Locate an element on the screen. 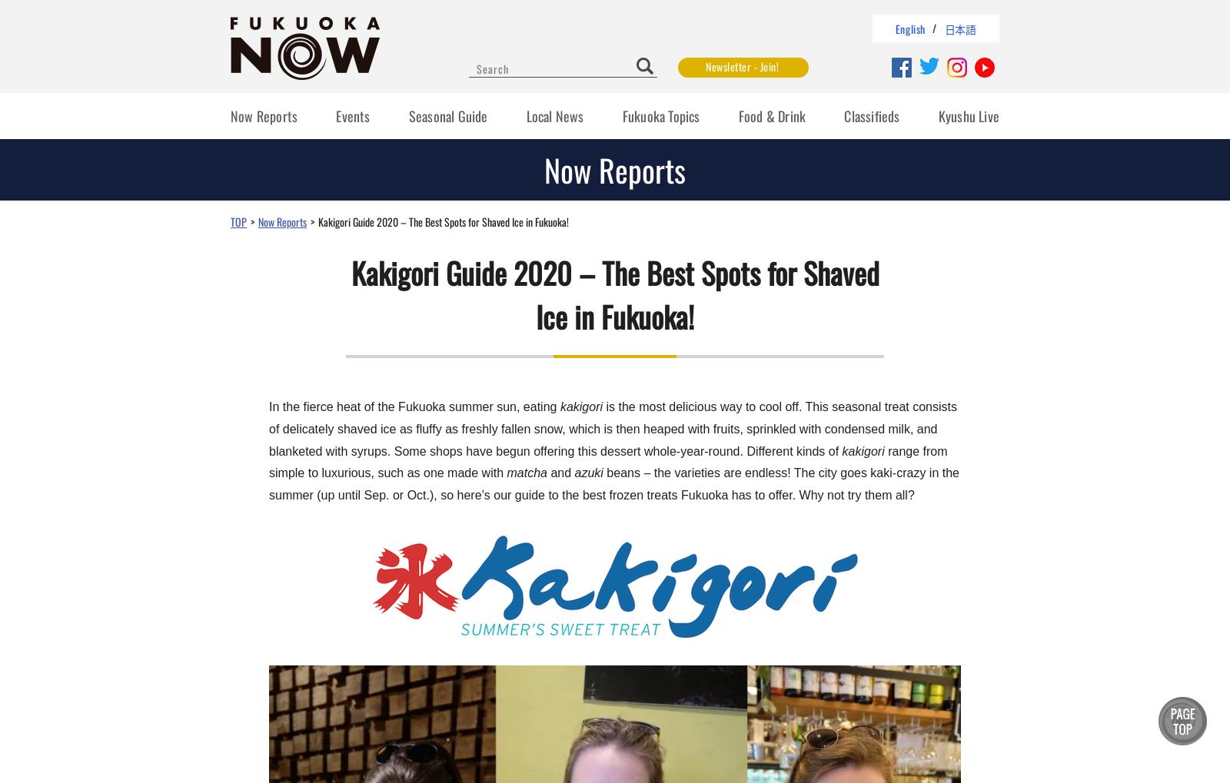 This screenshot has height=783, width=1230. 'English' is located at coordinates (909, 28).